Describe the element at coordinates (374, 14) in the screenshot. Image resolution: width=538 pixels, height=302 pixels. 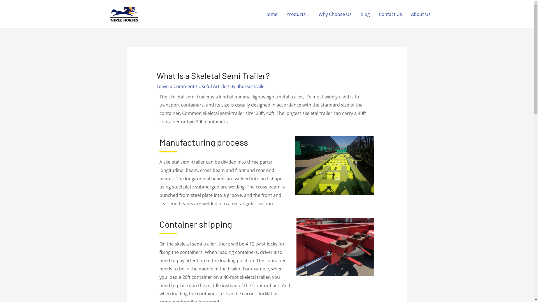
I see `'Contact Us'` at that location.